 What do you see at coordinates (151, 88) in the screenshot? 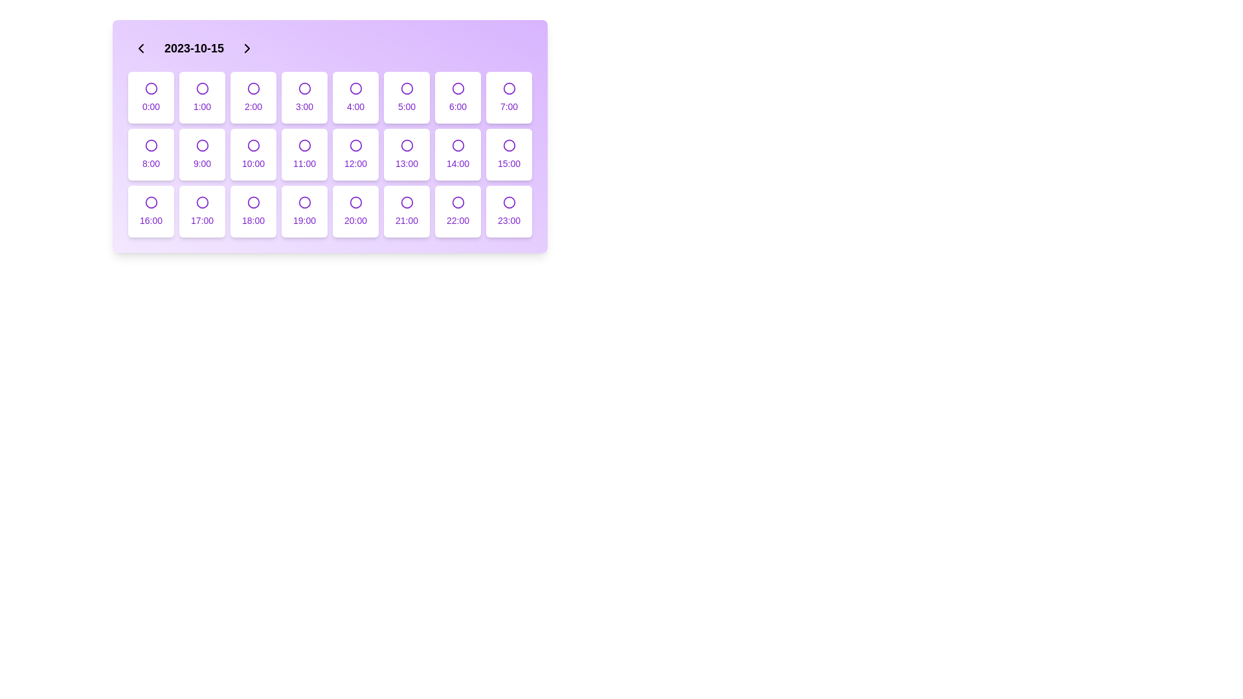
I see `the selection option icon for the time slot '0:00', which is located in the first card of the grid layout, positioned above the text '0:00'` at bounding box center [151, 88].